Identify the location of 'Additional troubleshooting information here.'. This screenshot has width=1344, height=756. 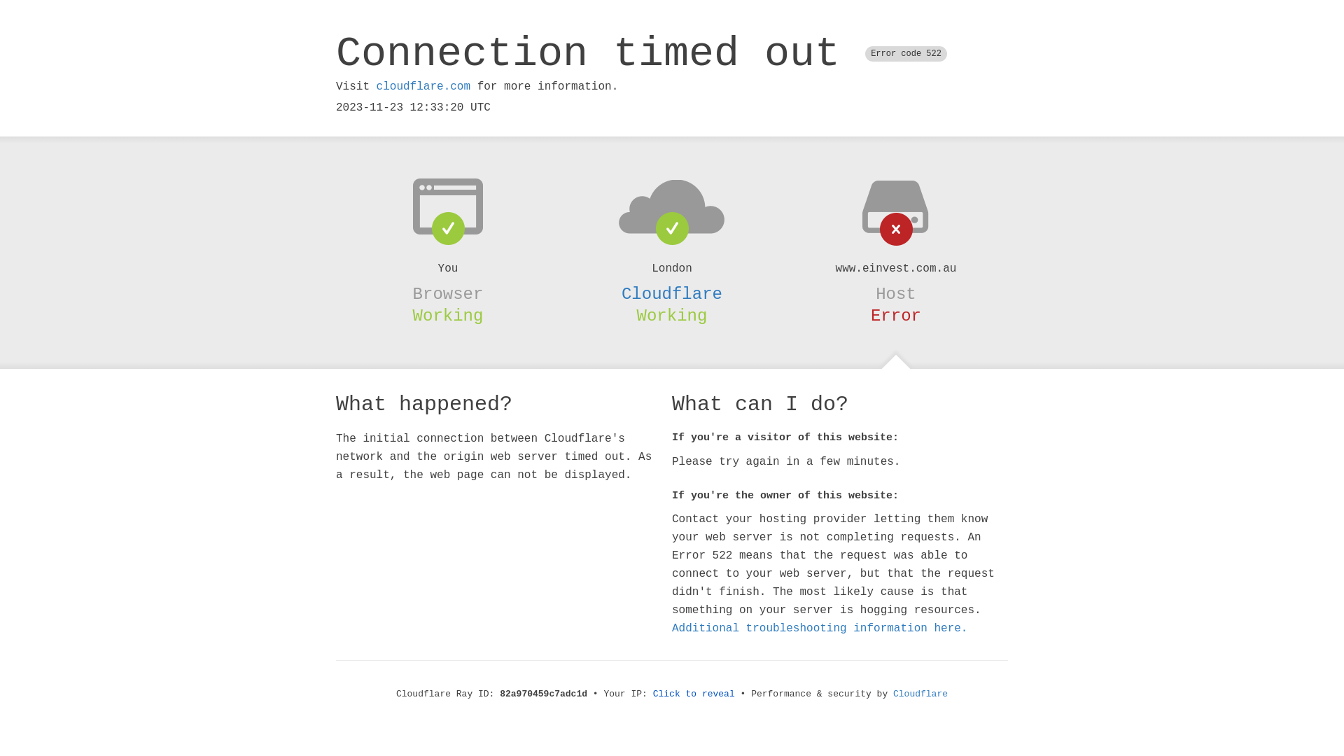
(820, 628).